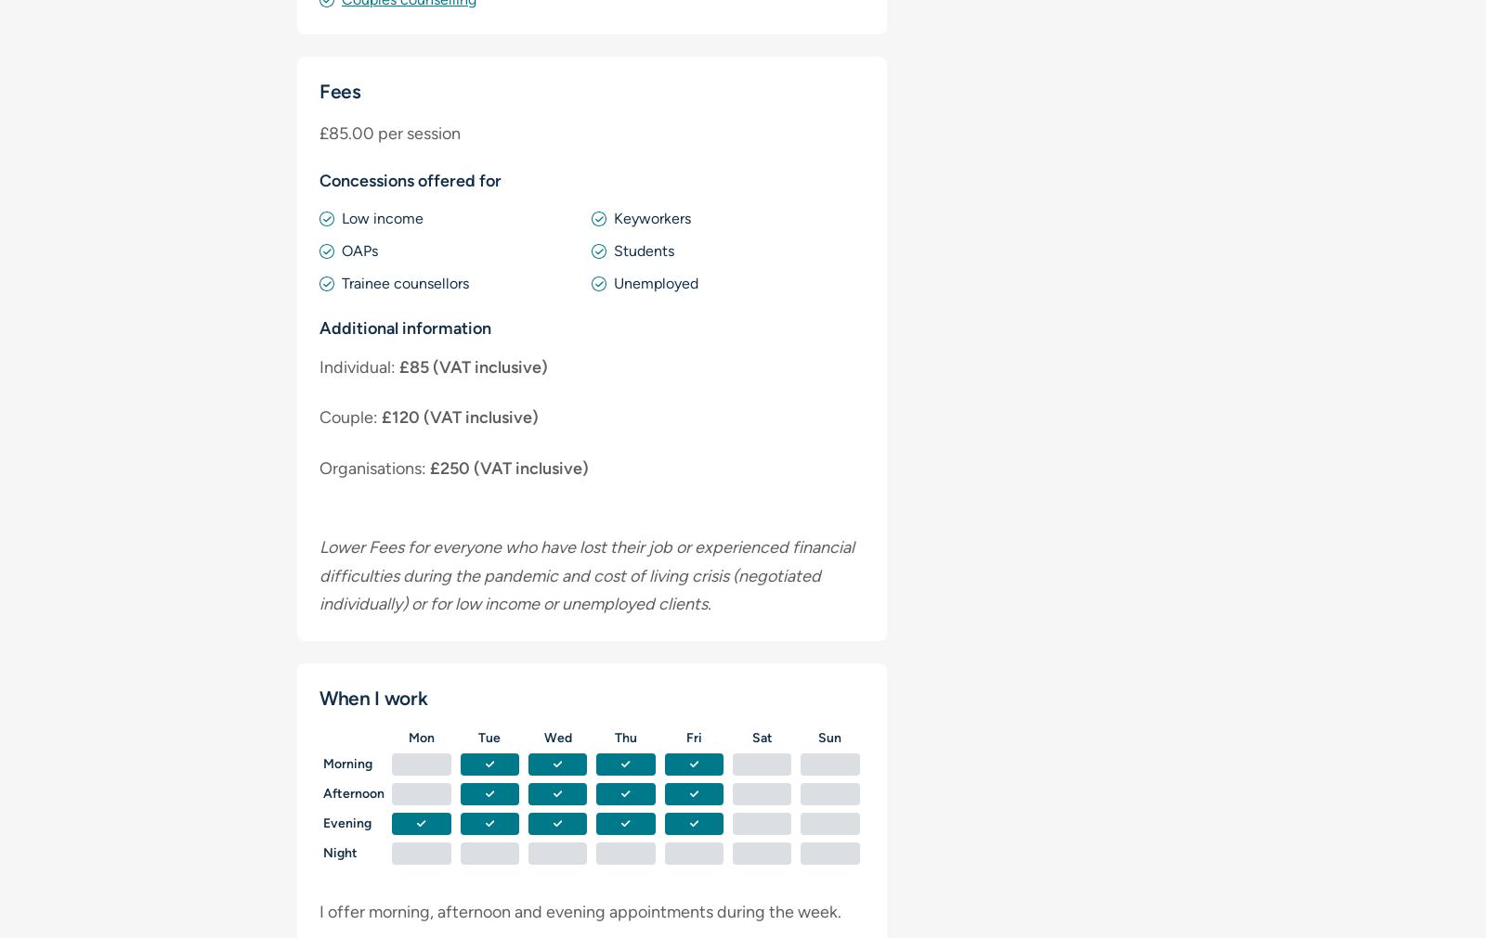 The image size is (1486, 938). What do you see at coordinates (394, 365) in the screenshot?
I see `'£85 (VAT inclusive)'` at bounding box center [394, 365].